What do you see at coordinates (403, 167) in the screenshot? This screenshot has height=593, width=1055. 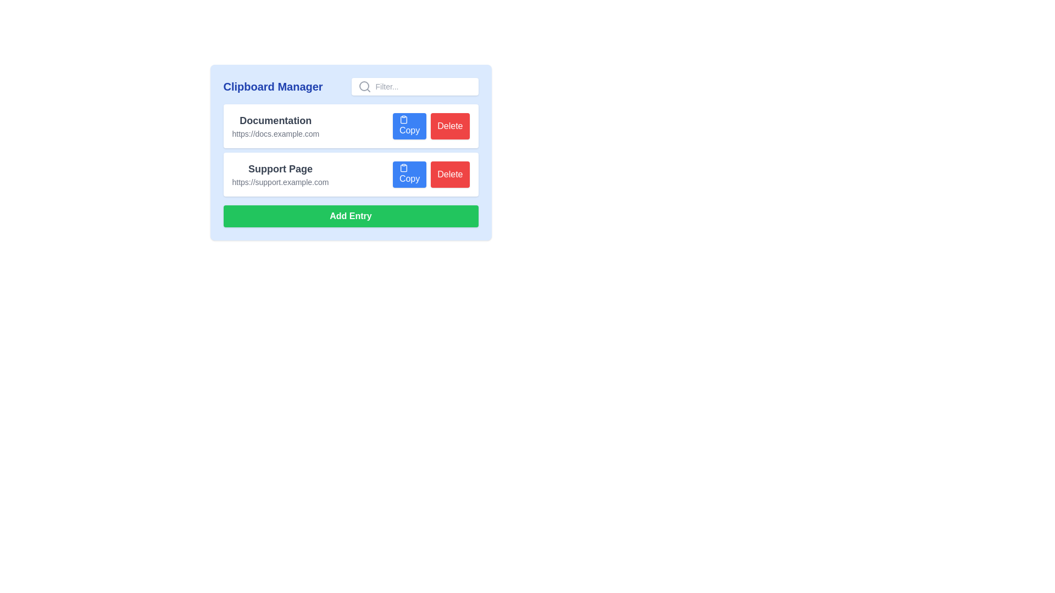 I see `the clipboard icon that is part of the 'Copy' button in the second row of the list` at bounding box center [403, 167].